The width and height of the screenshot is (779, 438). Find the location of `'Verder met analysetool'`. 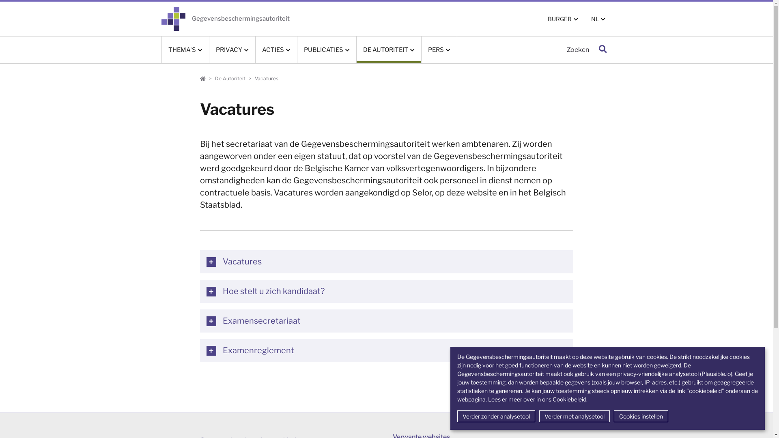

'Verder met analysetool' is located at coordinates (574, 416).